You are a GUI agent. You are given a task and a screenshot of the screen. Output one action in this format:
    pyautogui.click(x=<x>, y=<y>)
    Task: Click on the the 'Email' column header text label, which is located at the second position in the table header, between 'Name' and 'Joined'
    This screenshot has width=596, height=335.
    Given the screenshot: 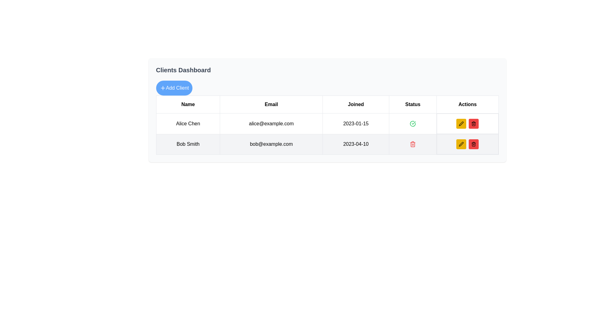 What is the action you would take?
    pyautogui.click(x=271, y=104)
    